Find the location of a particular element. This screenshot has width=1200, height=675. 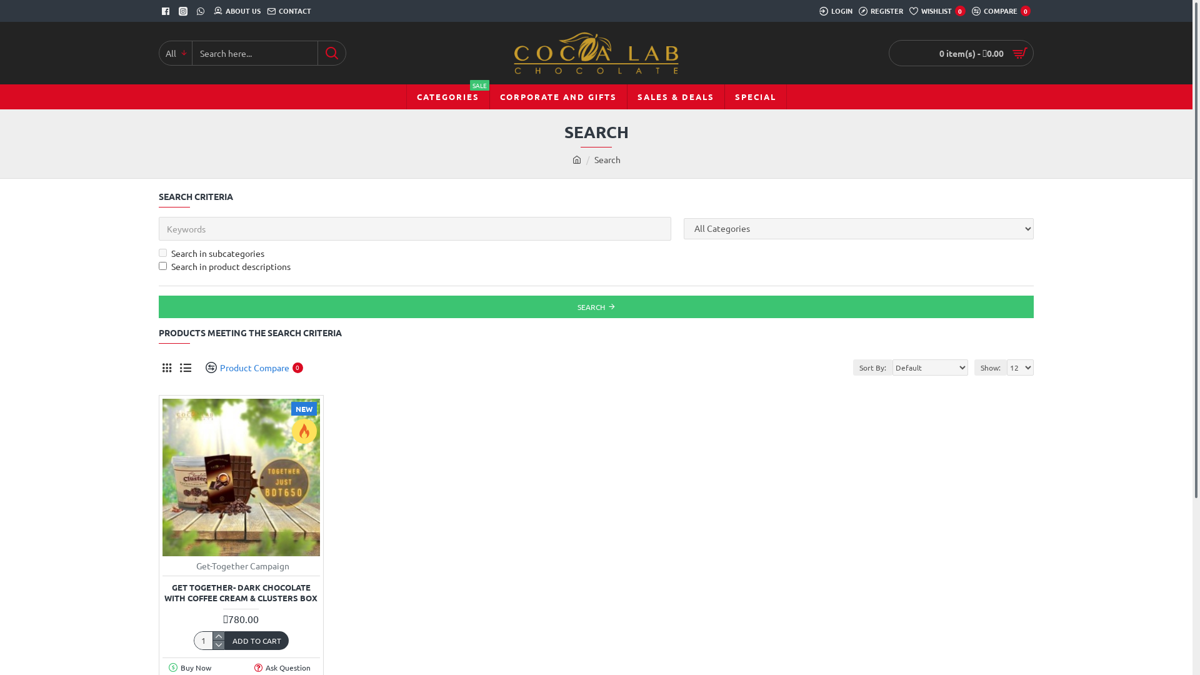

'CATEGORIES is located at coordinates (447, 96).